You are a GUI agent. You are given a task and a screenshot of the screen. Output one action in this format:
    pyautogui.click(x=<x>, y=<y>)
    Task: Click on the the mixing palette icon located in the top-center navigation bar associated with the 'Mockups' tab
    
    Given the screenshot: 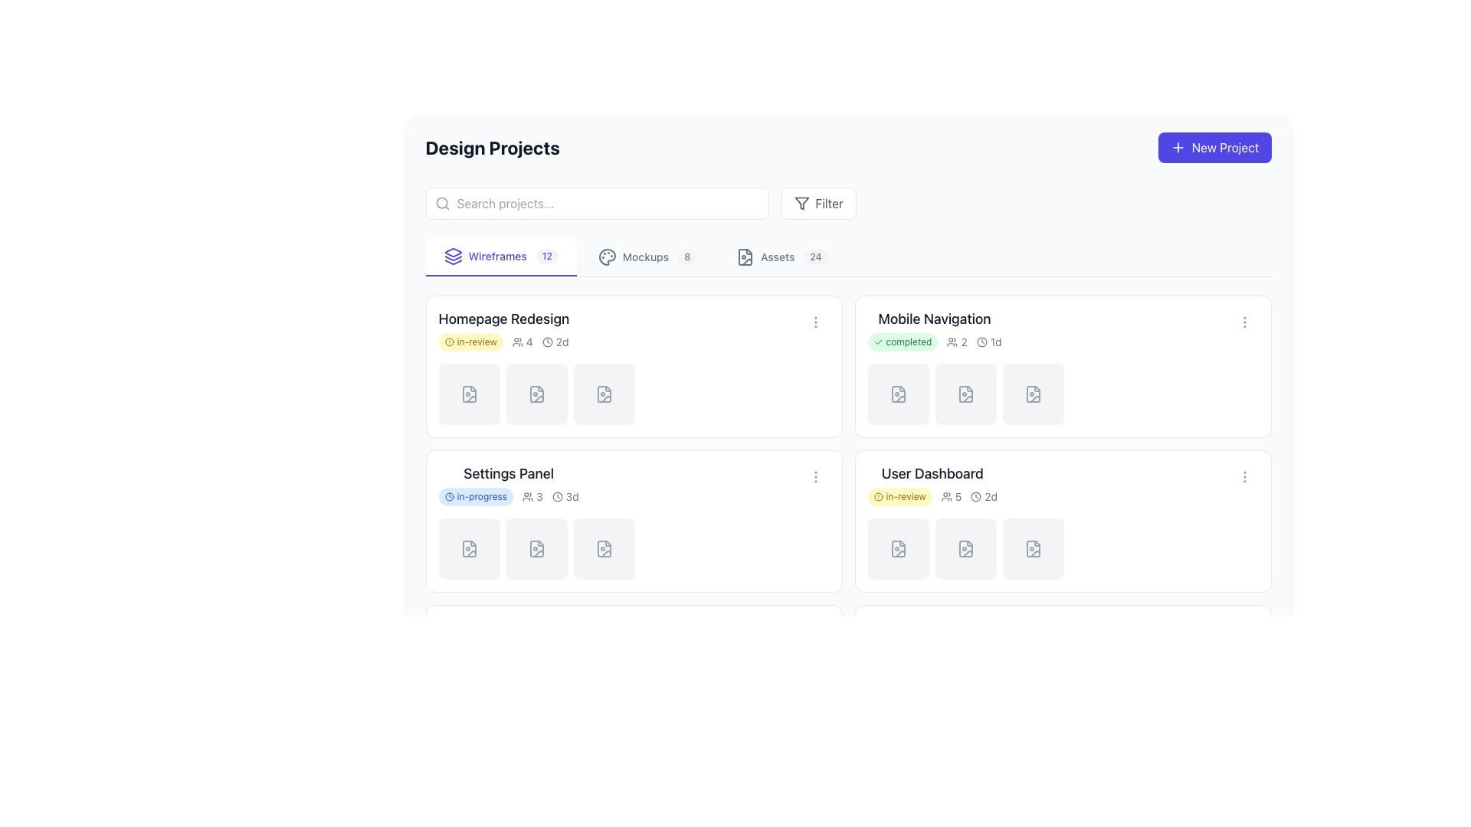 What is the action you would take?
    pyautogui.click(x=606, y=256)
    